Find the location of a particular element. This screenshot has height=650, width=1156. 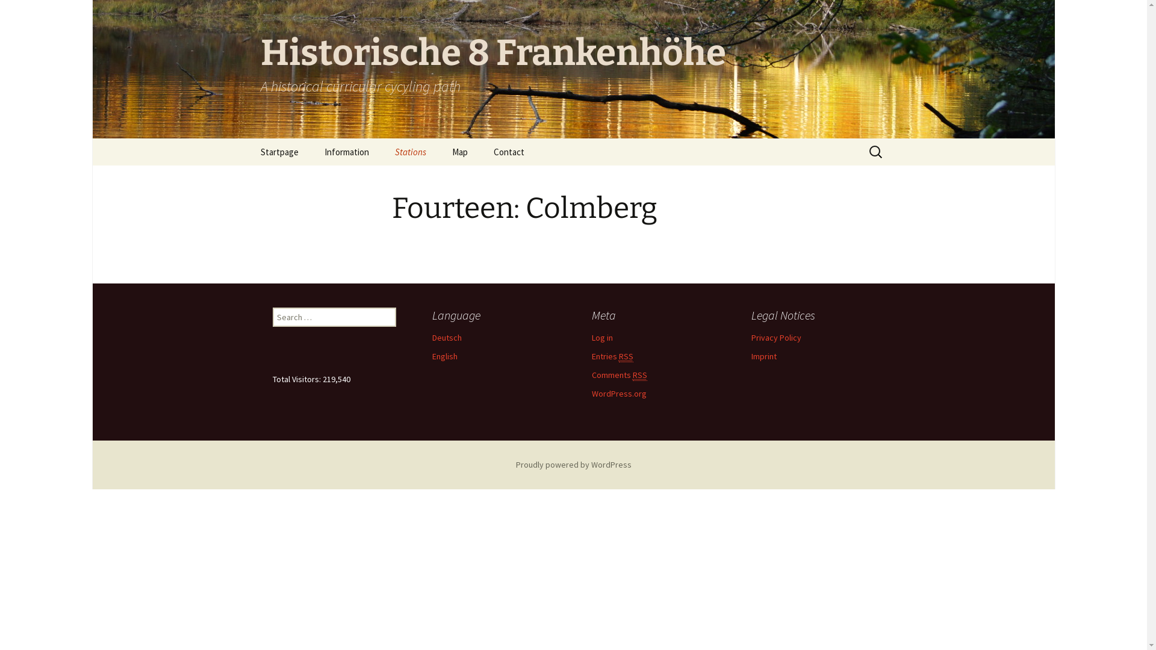

'Educational materials' is located at coordinates (371, 179).